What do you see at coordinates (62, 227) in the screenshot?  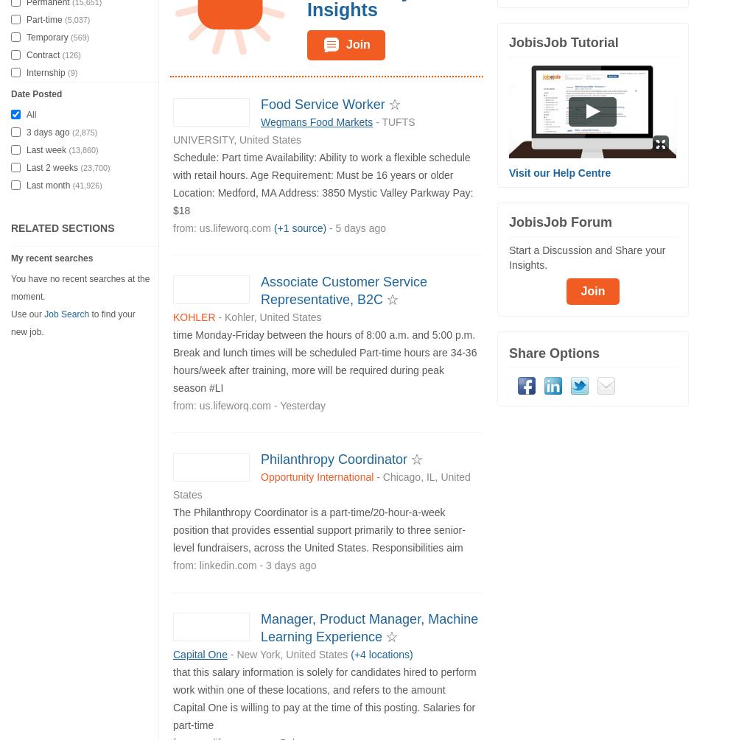 I see `'Related sections'` at bounding box center [62, 227].